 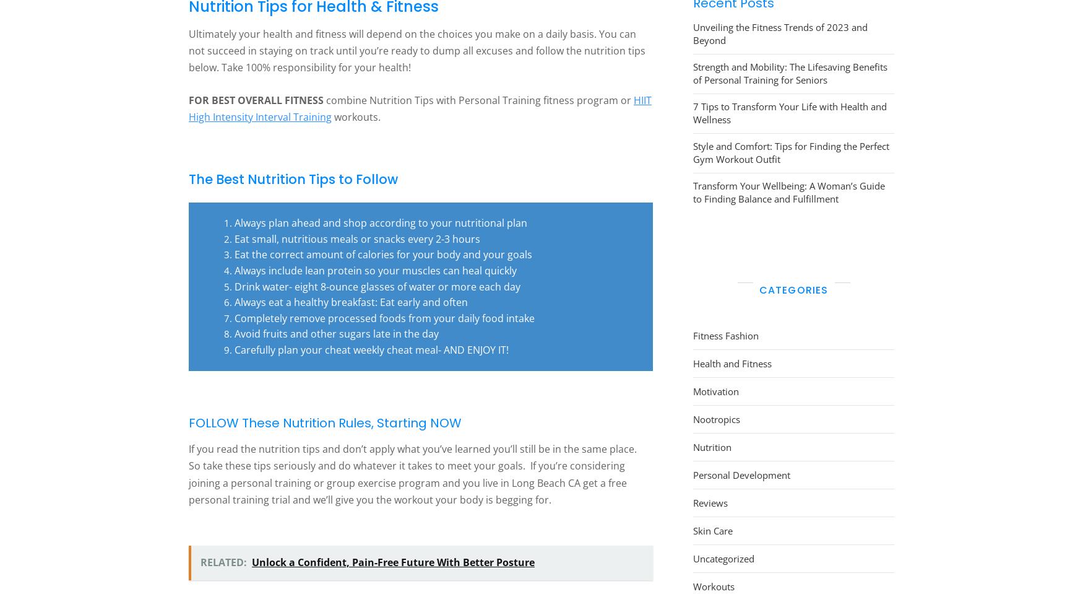 What do you see at coordinates (693, 32) in the screenshot?
I see `'Unveiling the Fitness Trends of 2023 and Beyond'` at bounding box center [693, 32].